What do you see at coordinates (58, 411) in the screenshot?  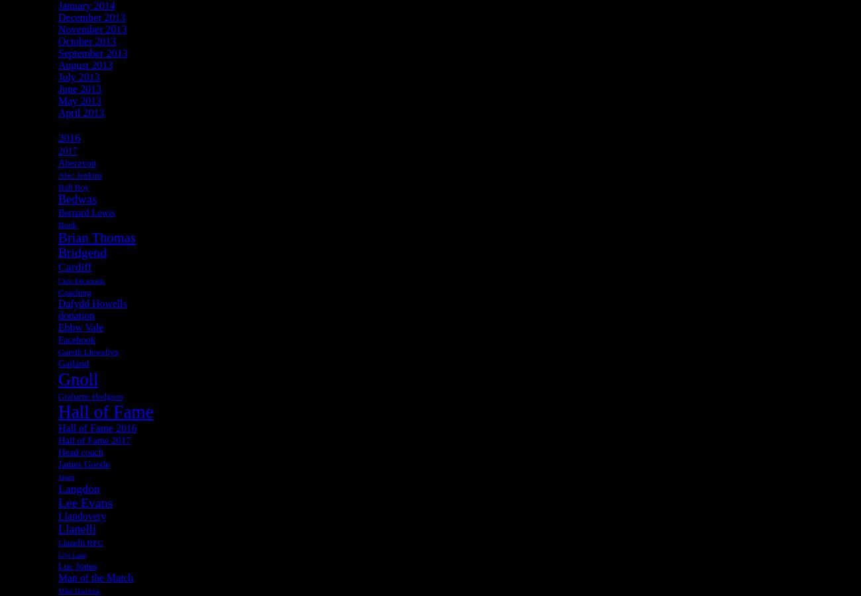 I see `'Hall of Fame'` at bounding box center [58, 411].